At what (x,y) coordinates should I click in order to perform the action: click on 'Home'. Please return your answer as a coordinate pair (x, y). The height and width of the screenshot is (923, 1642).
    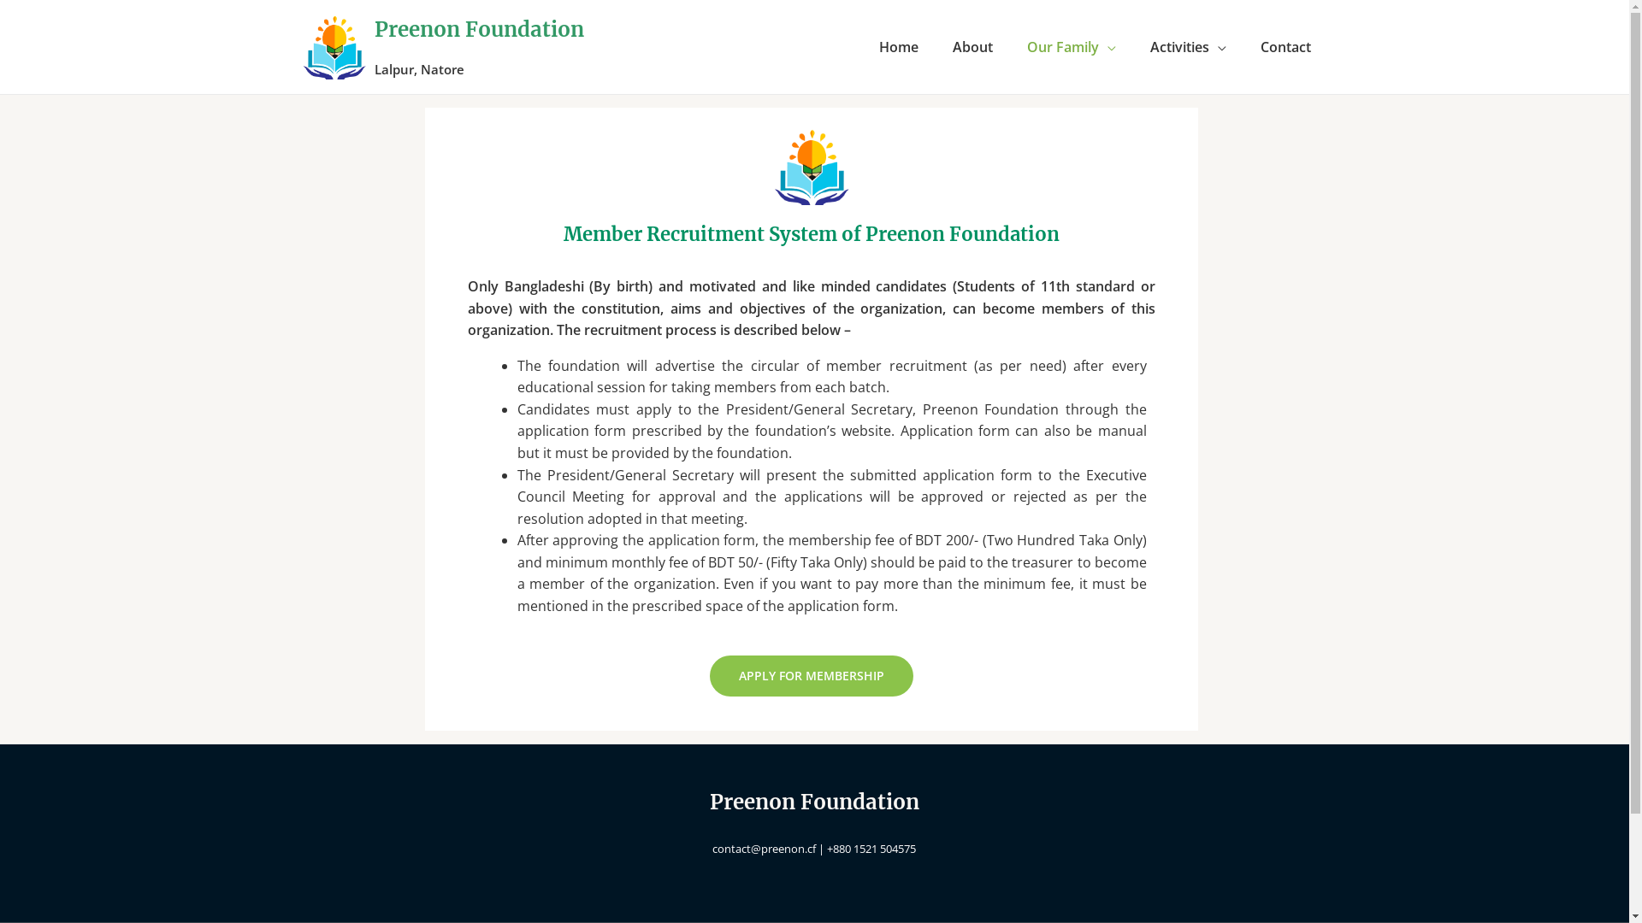
    Looking at the image, I should click on (898, 45).